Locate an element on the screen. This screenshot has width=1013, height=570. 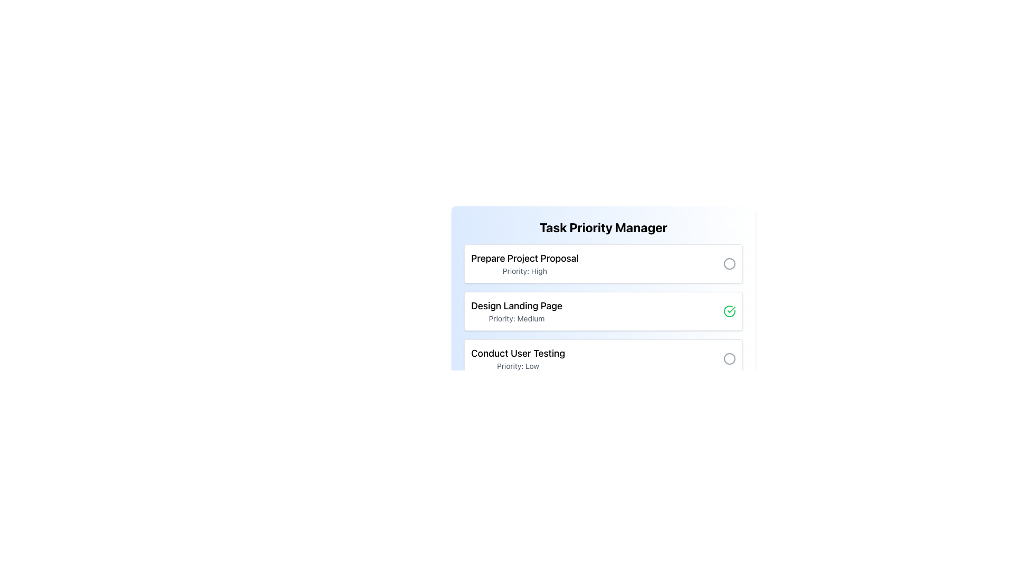
the text label displaying 'Priority: High', which is styled in smaller gray font and located below the title 'Prepare Project Proposal' is located at coordinates (524, 270).